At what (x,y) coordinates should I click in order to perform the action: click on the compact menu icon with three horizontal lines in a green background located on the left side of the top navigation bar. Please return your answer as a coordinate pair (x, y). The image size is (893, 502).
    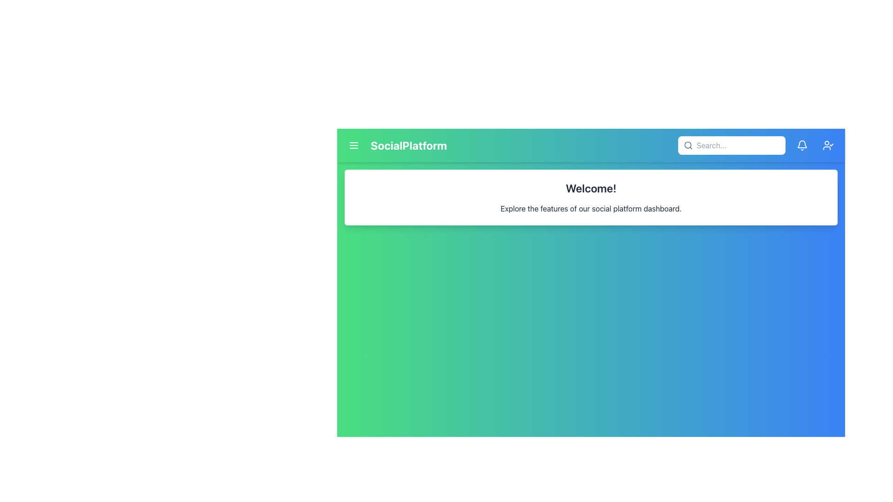
    Looking at the image, I should click on (353, 145).